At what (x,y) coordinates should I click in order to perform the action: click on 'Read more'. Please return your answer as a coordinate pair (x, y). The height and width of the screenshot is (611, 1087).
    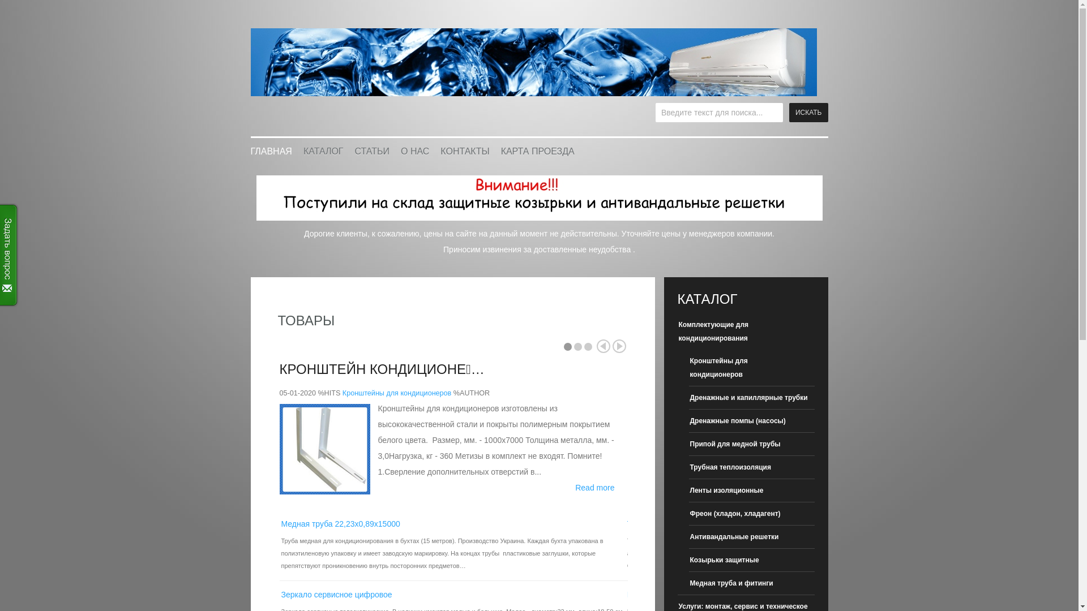
    Looking at the image, I should click on (594, 487).